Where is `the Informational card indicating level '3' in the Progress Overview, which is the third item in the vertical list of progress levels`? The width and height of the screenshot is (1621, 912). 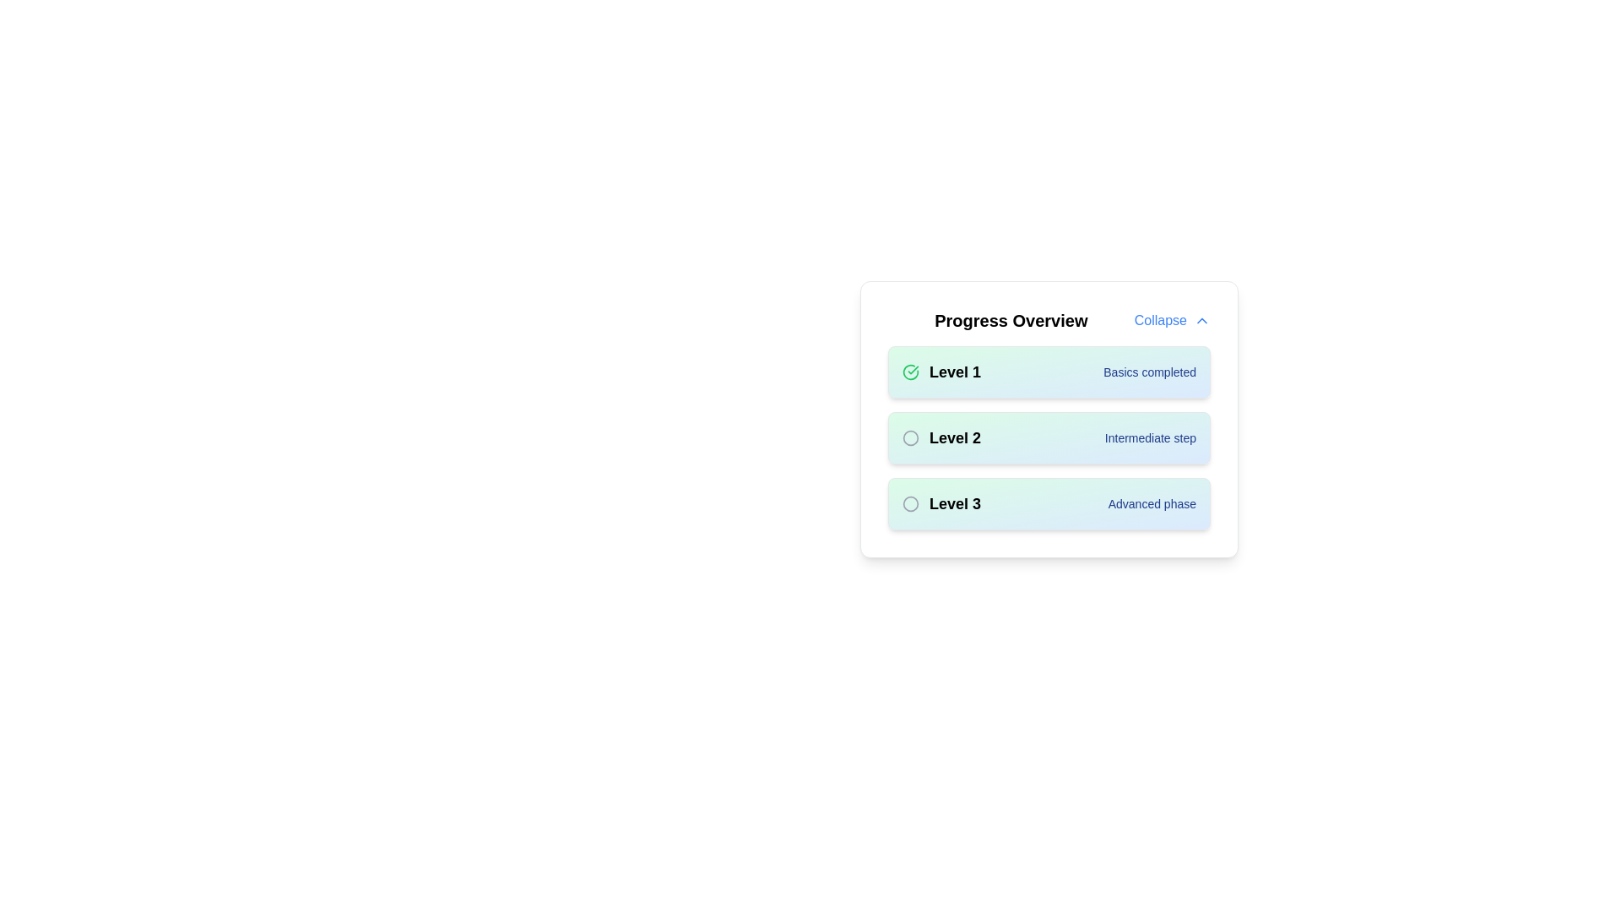
the Informational card indicating level '3' in the Progress Overview, which is the third item in the vertical list of progress levels is located at coordinates (1049, 503).